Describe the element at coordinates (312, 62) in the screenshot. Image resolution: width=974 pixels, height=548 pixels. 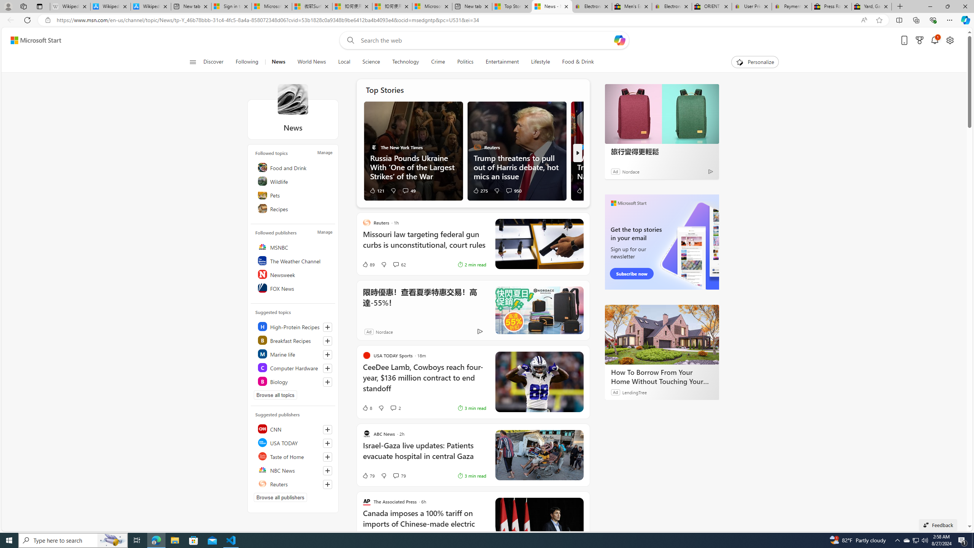
I see `'World News'` at that location.